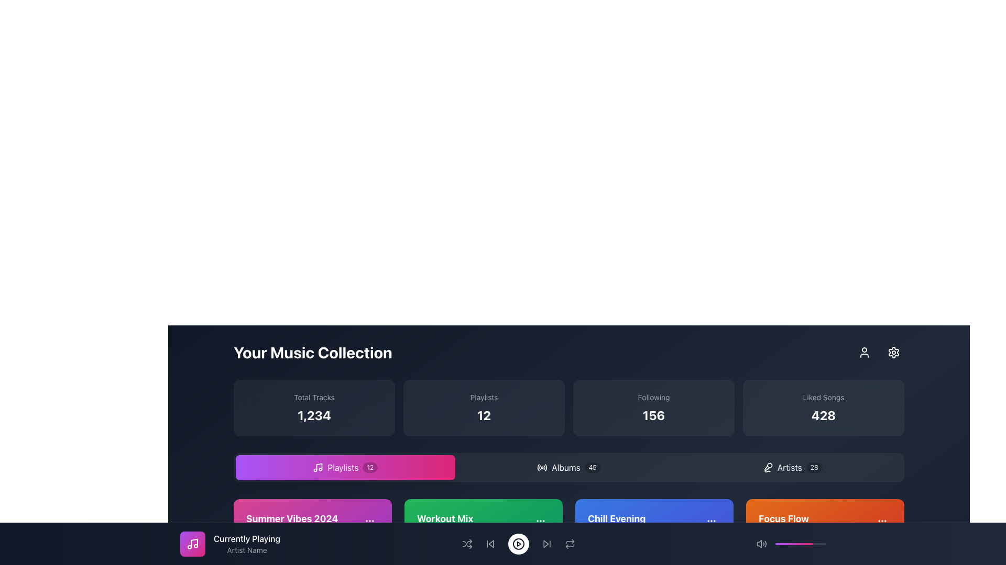 This screenshot has height=565, width=1006. I want to click on the badge indicating the number of 'Artists' in the music collection, located to the right of the 'Artists' text, so click(814, 467).